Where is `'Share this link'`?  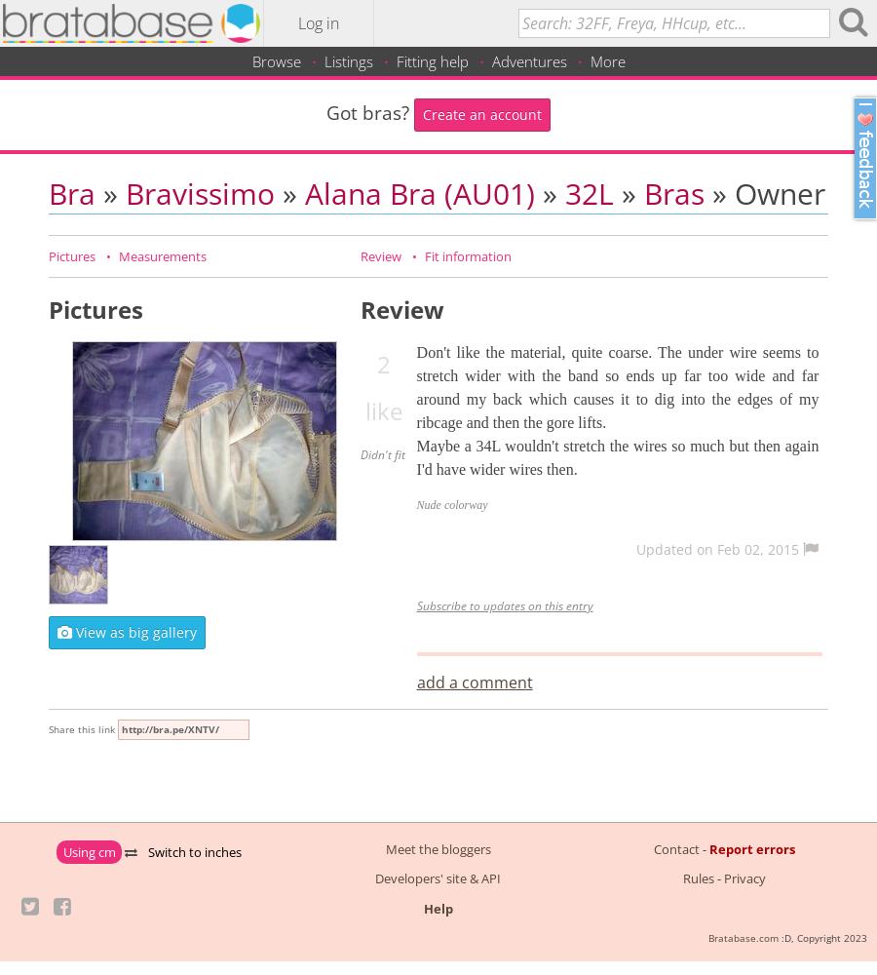
'Share this link' is located at coordinates (82, 728).